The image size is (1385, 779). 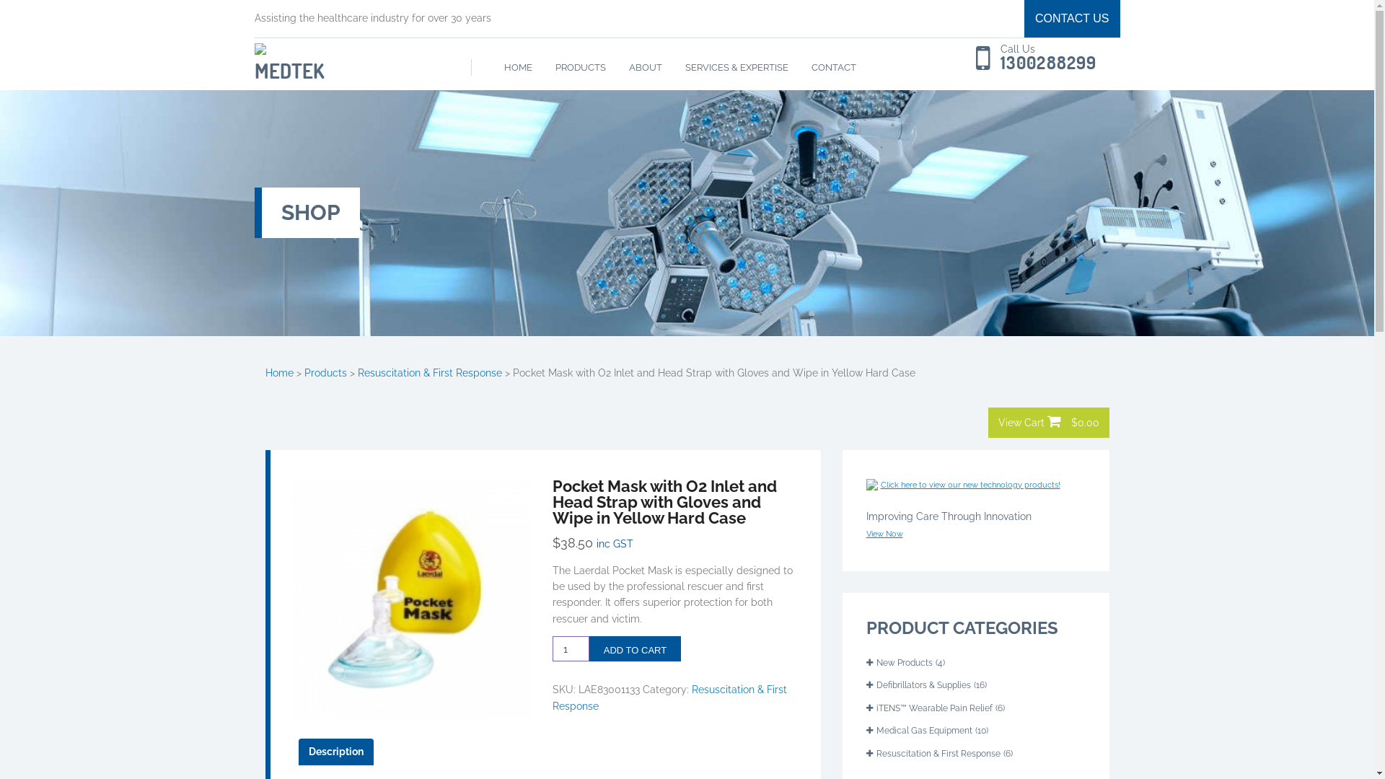 I want to click on 'CONTACT US', so click(x=1072, y=19).